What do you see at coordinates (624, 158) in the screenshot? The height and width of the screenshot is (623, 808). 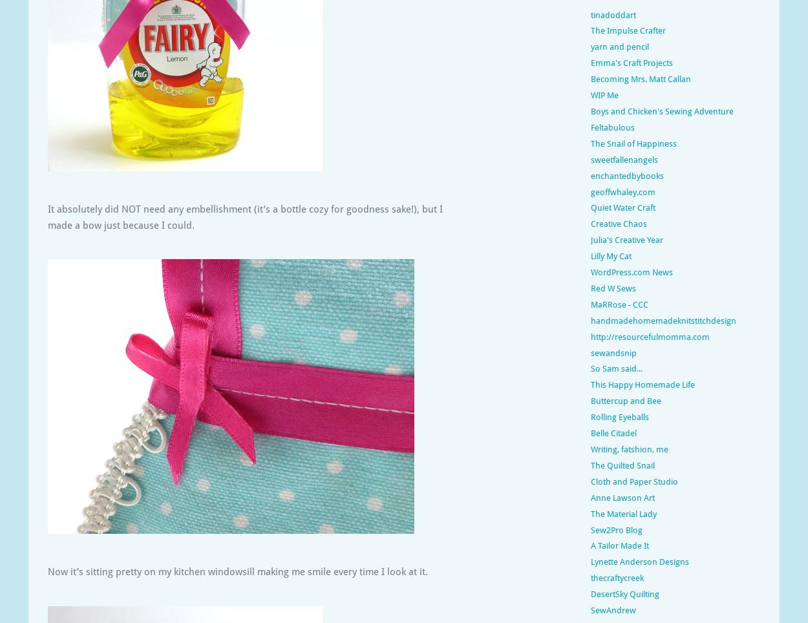 I see `'sweetfallenangels'` at bounding box center [624, 158].